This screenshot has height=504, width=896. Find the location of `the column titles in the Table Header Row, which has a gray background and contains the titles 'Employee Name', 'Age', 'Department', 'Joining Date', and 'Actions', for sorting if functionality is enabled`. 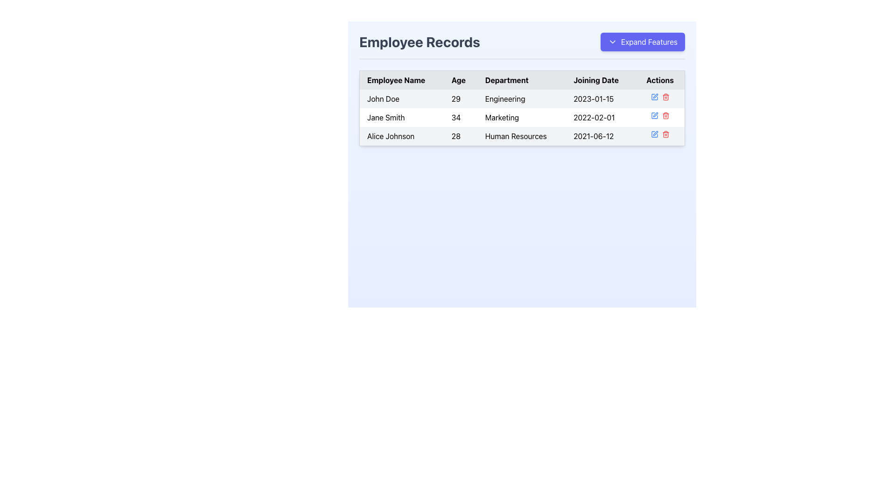

the column titles in the Table Header Row, which has a gray background and contains the titles 'Employee Name', 'Age', 'Department', 'Joining Date', and 'Actions', for sorting if functionality is enabled is located at coordinates (521, 79).